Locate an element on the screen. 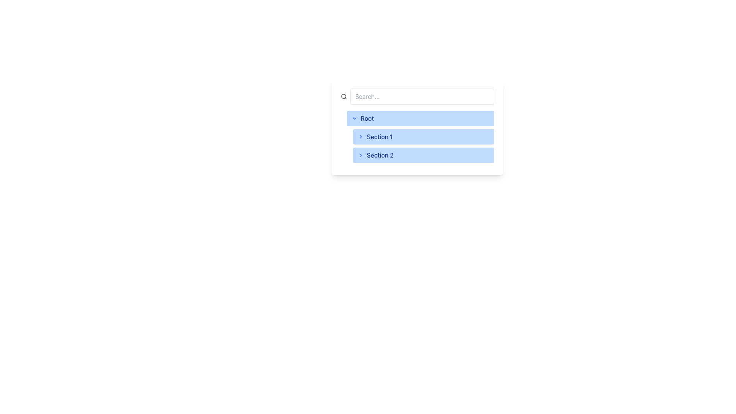  the 'Root' text label in the collapsible list item located at the top of the vertical list within the side panel is located at coordinates (362, 118).